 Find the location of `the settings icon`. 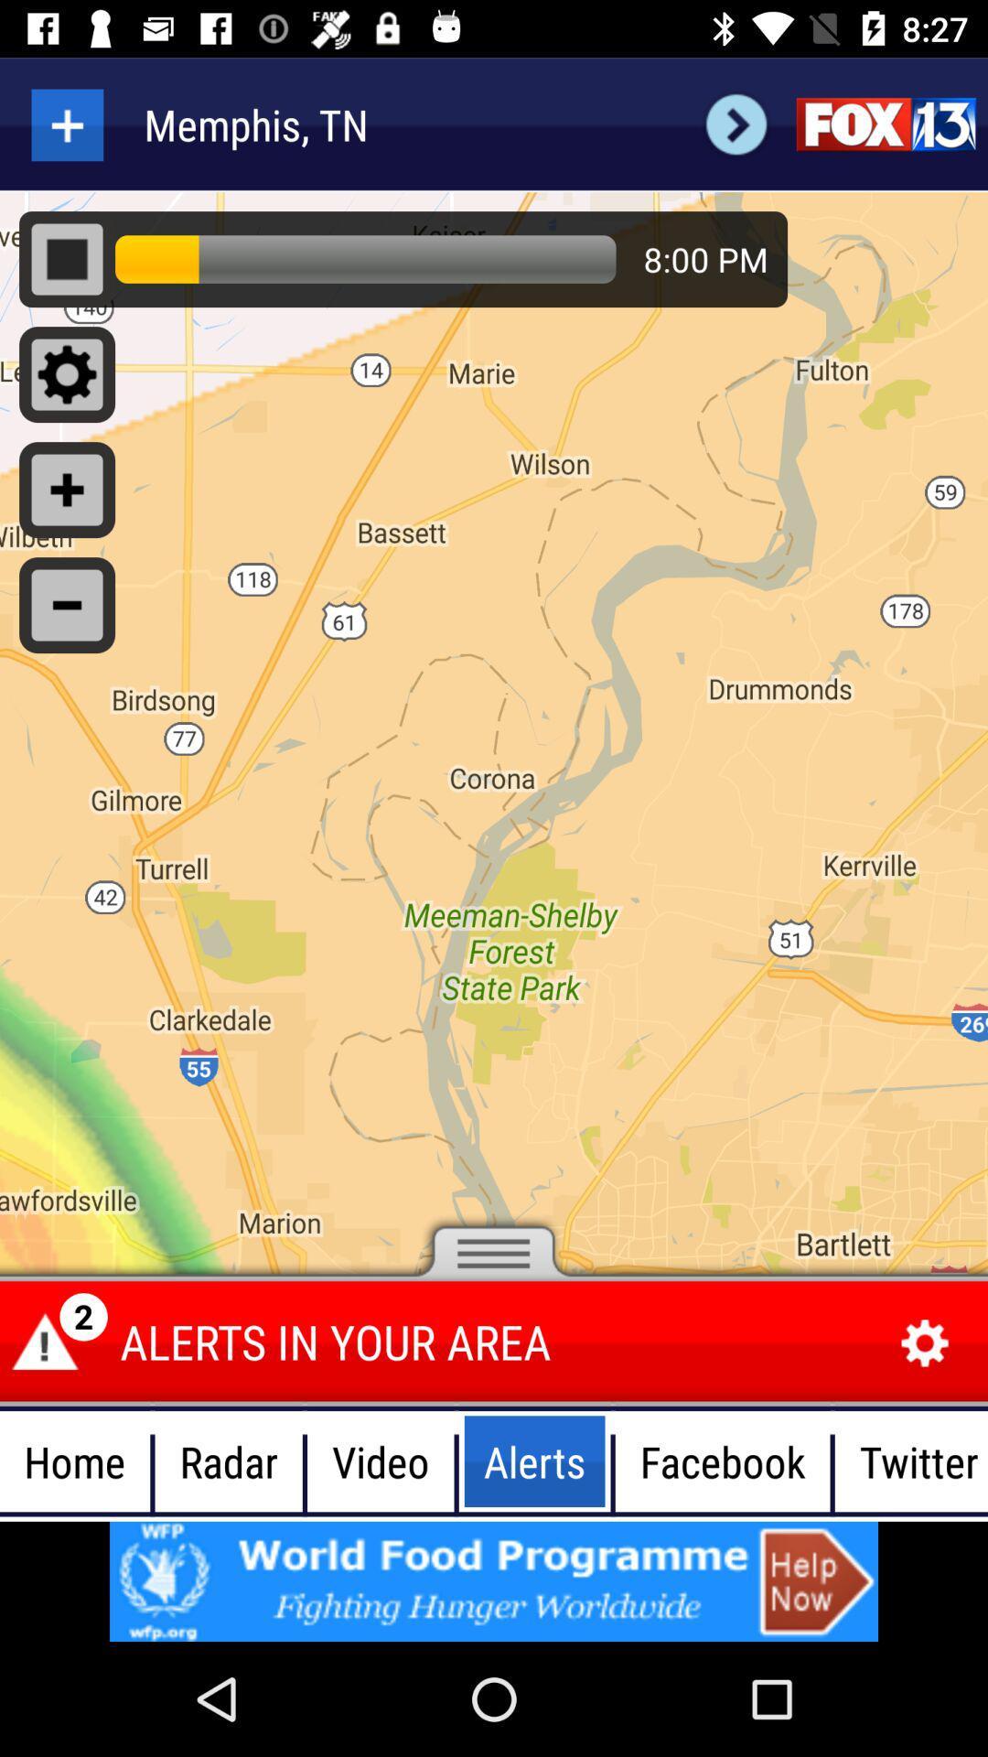

the settings icon is located at coordinates (925, 1343).